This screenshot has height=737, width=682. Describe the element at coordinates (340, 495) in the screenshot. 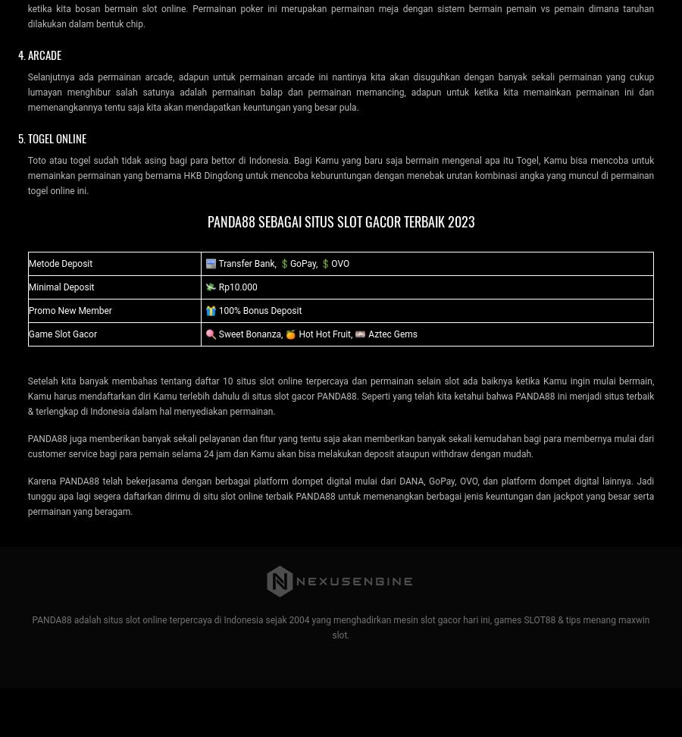

I see `'Karena PANDA88 telah bekerjasama dengan berbagai platform dompet digital mulai dari DANA, GoPay, OVO, dan platform dompet digital lainnya. Jadi tunggu apa lagi segera daftarkan dirimu di situ slot online terbaik PANDA88 untuk memenangkan berbagai jenis keuntungan dan jackpot yang besar serta permainan yang beragam.'` at that location.